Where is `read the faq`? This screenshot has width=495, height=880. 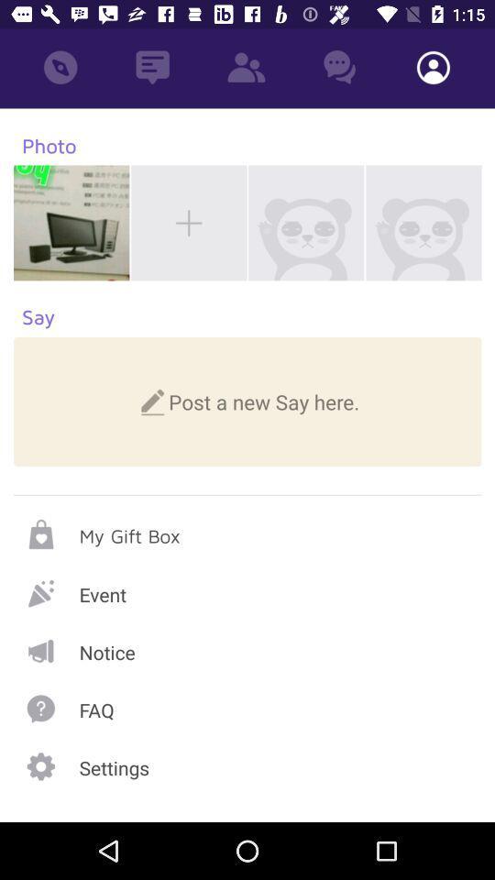
read the faq is located at coordinates (247, 708).